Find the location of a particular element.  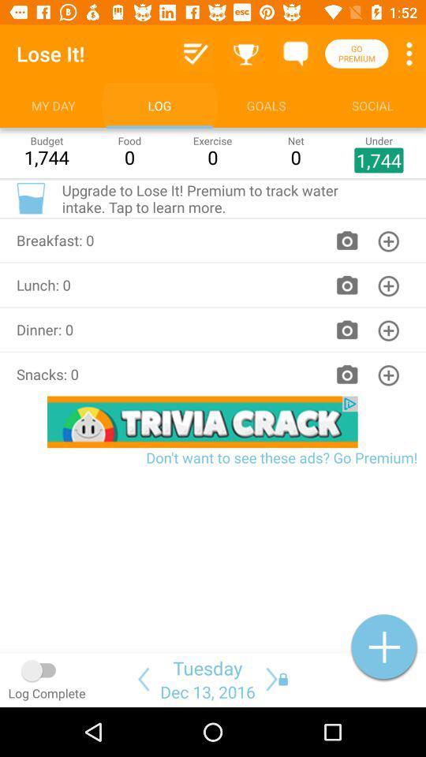

icon which is at bottom right corner of the page is located at coordinates (383, 647).